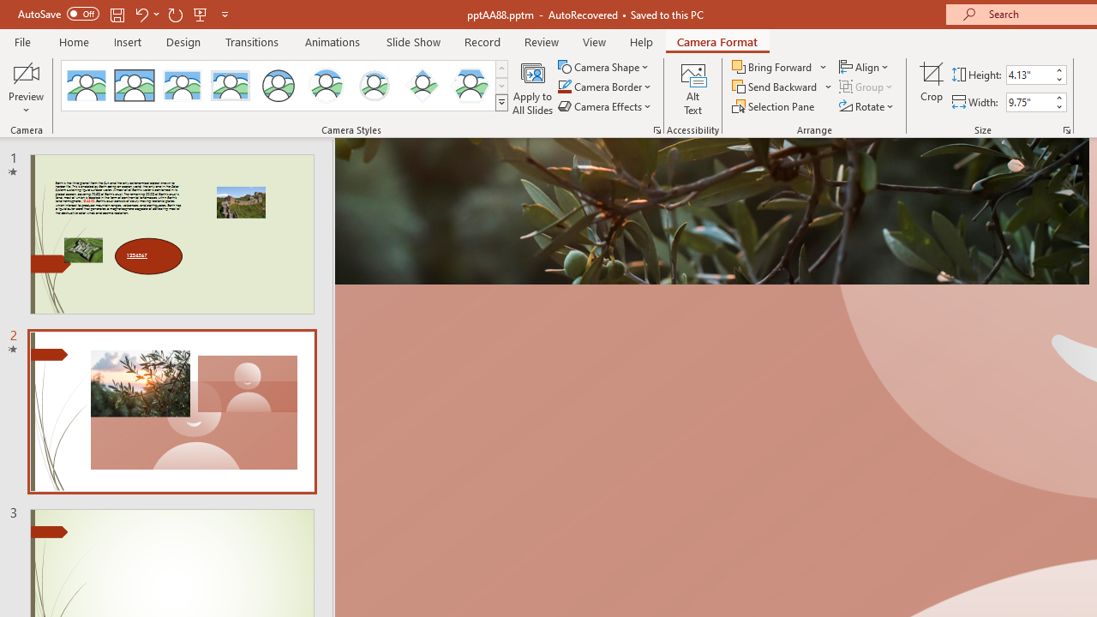  Describe the element at coordinates (865, 66) in the screenshot. I see `'Align'` at that location.